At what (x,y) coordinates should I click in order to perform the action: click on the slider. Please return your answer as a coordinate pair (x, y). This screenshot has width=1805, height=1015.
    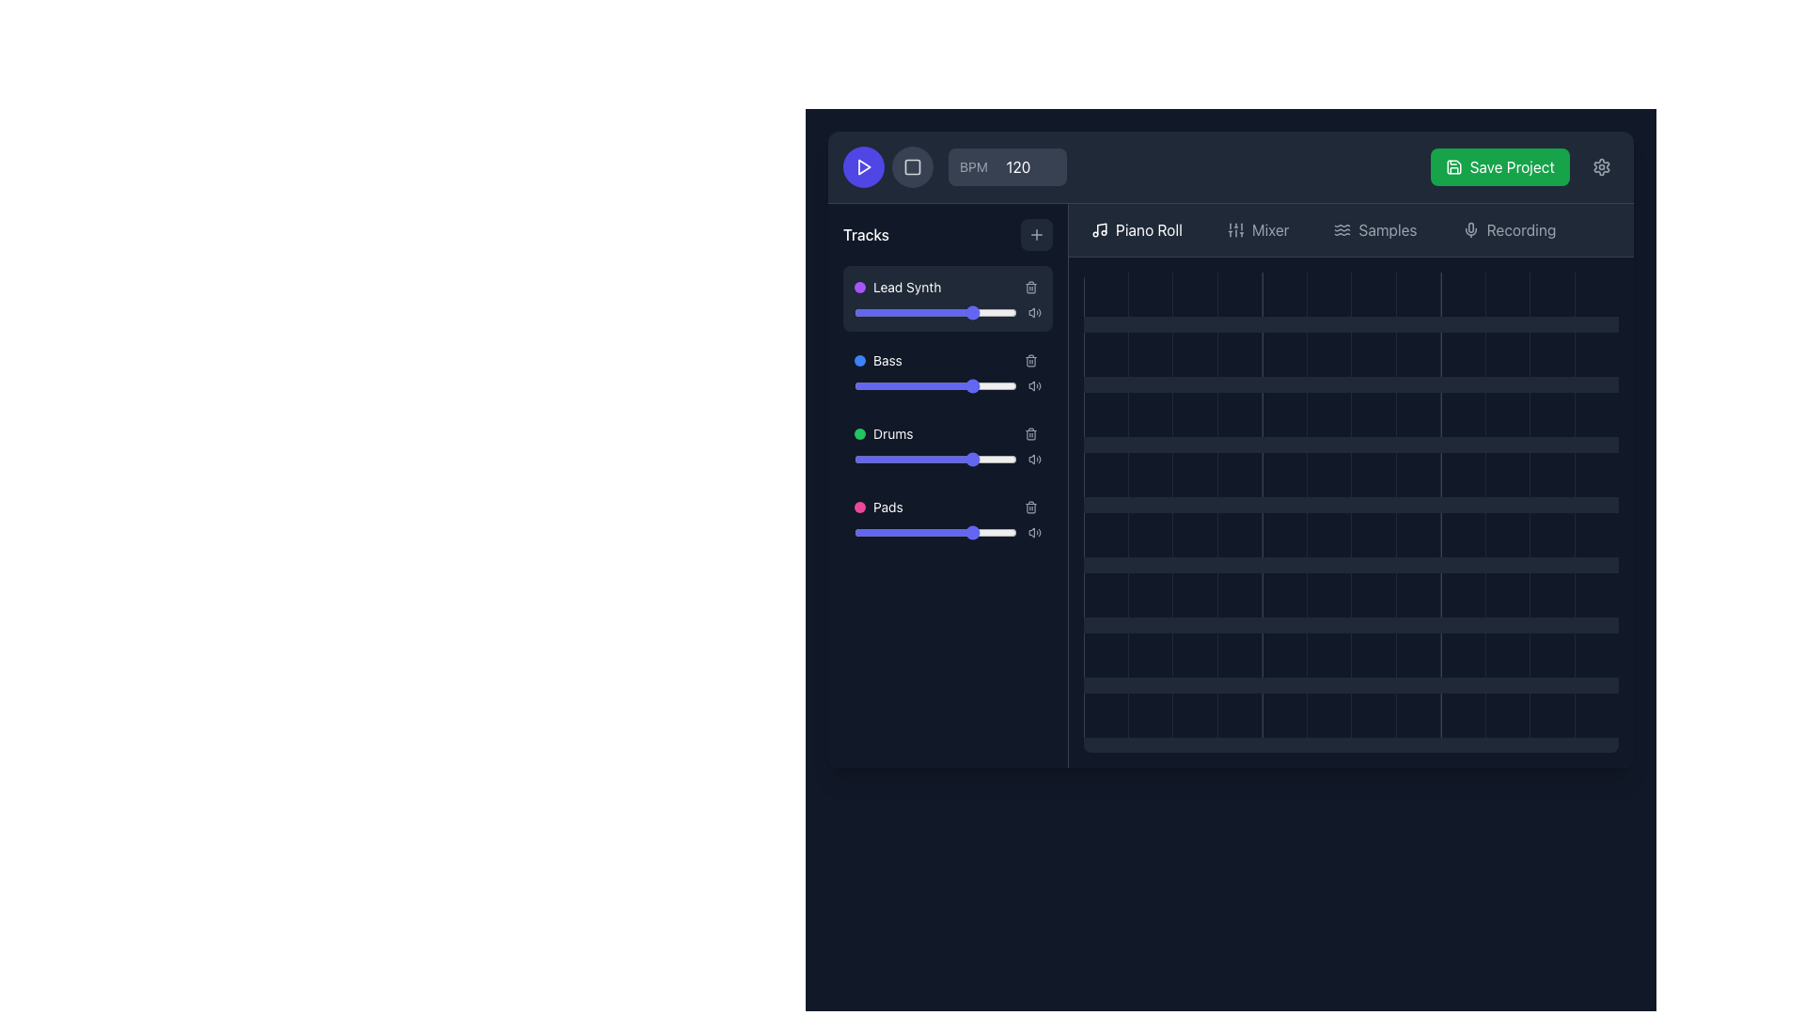
    Looking at the image, I should click on (881, 385).